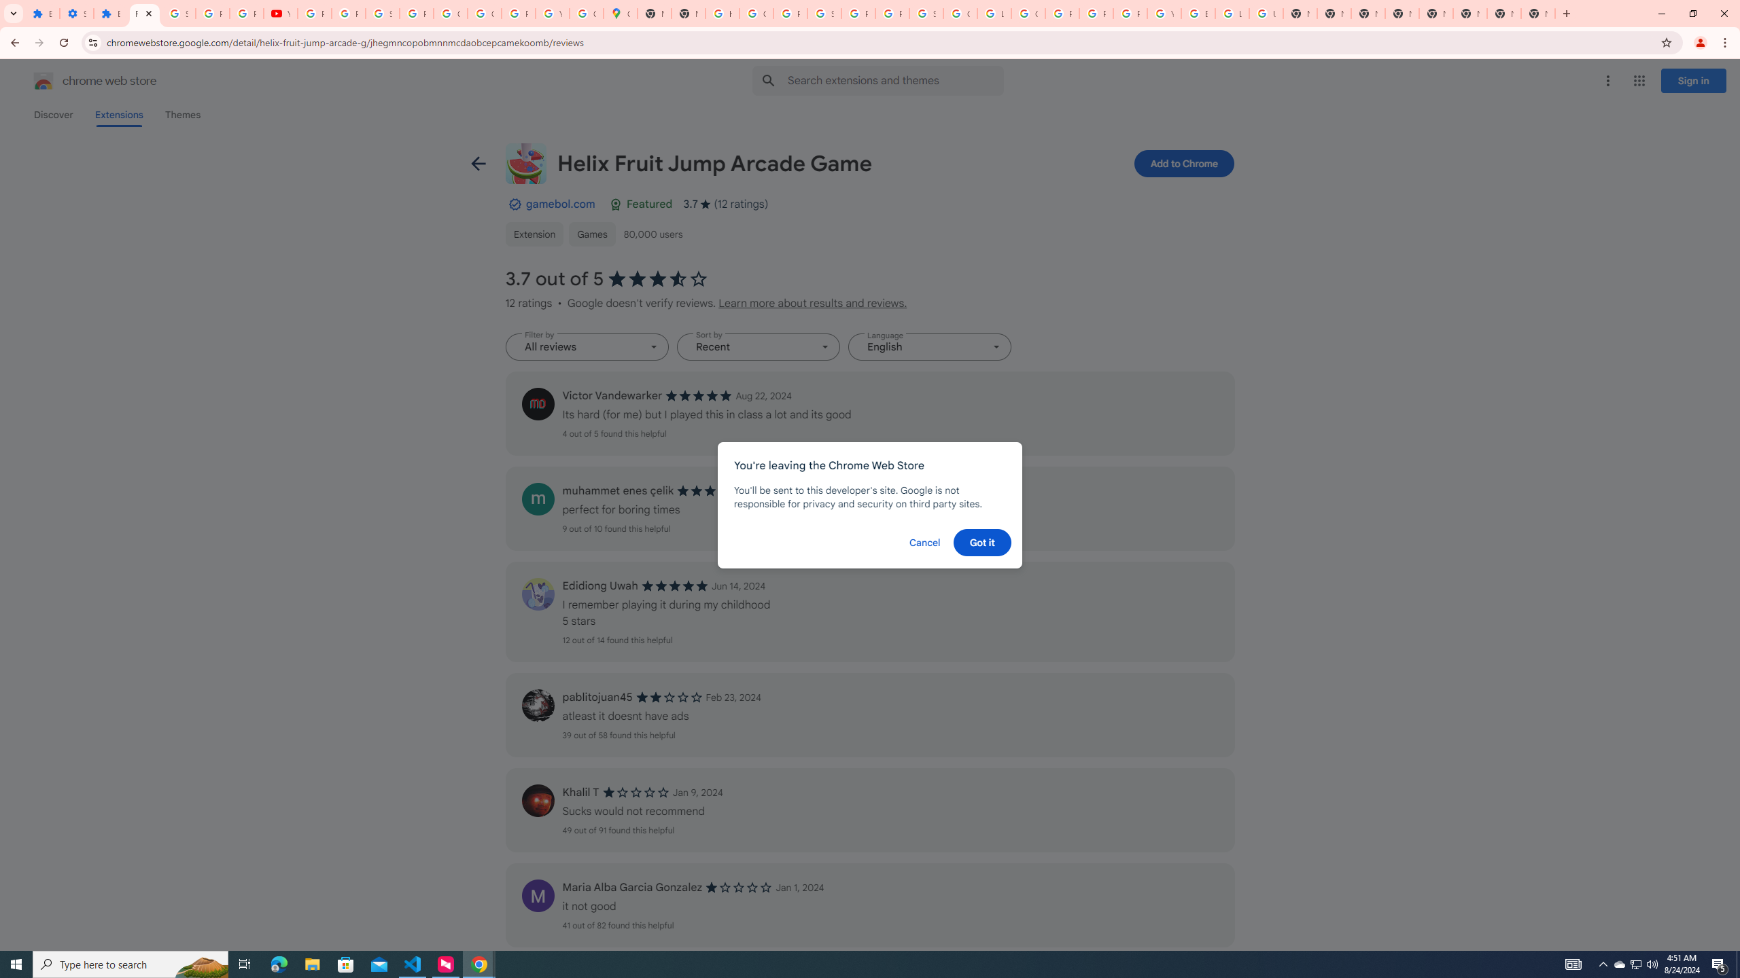 The height and width of the screenshot is (978, 1740). I want to click on 'Reviews: Helix Fruit Jump Arcade Game', so click(143, 13).